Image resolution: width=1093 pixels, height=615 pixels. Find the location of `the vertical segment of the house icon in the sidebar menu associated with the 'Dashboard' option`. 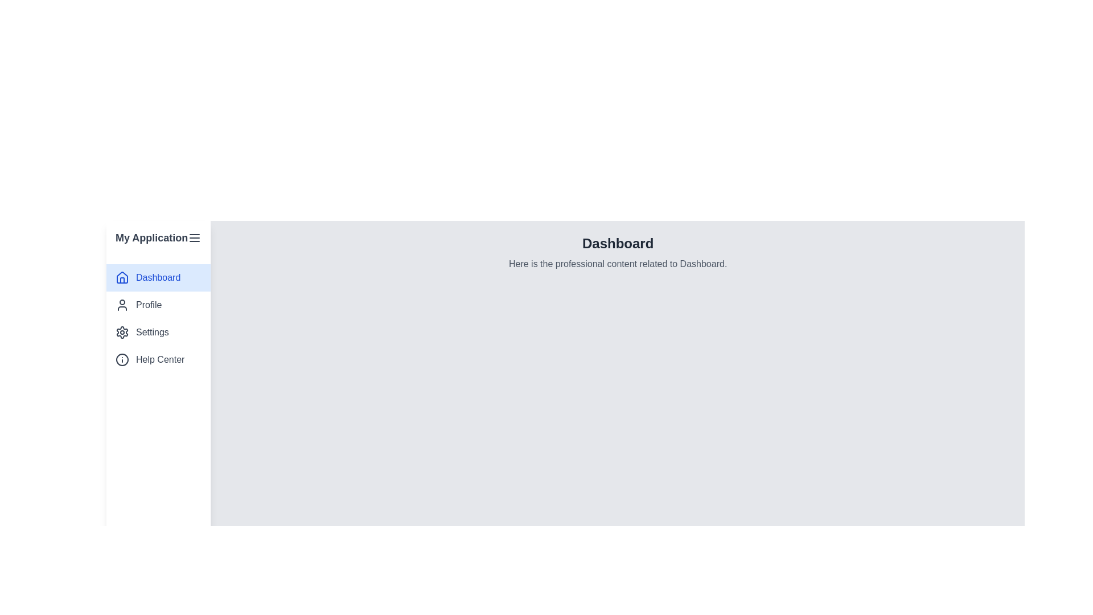

the vertical segment of the house icon in the sidebar menu associated with the 'Dashboard' option is located at coordinates (122, 280).